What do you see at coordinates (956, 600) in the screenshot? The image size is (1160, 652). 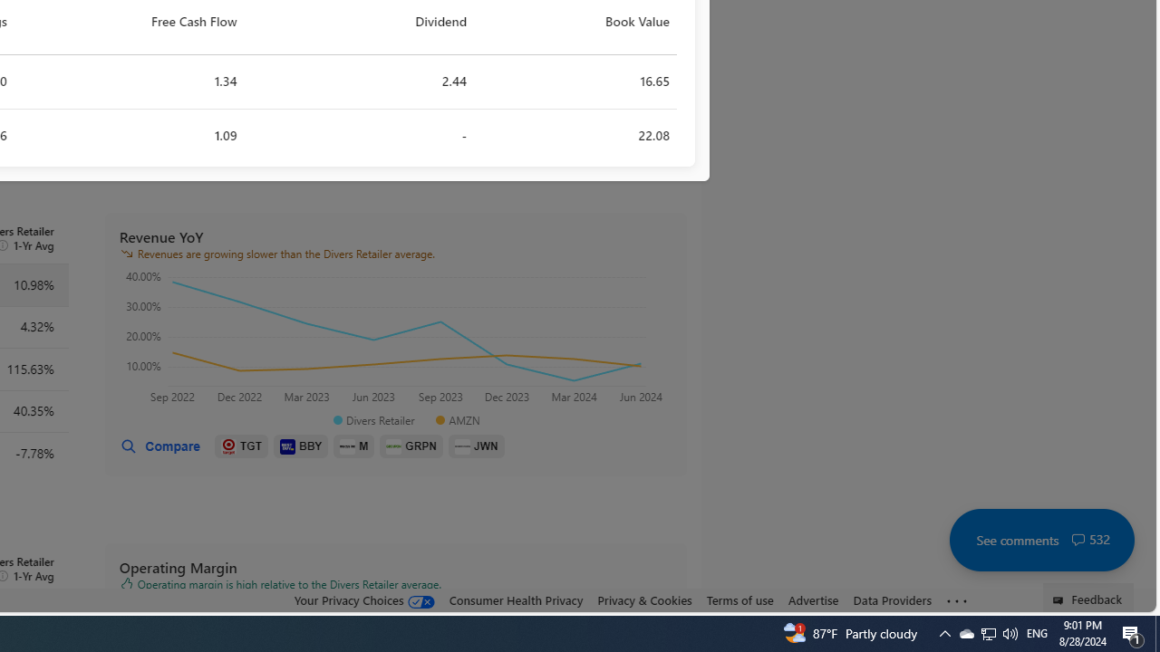 I see `'Class: oneFooter_seeMore-DS-EntryPoint1-1'` at bounding box center [956, 600].